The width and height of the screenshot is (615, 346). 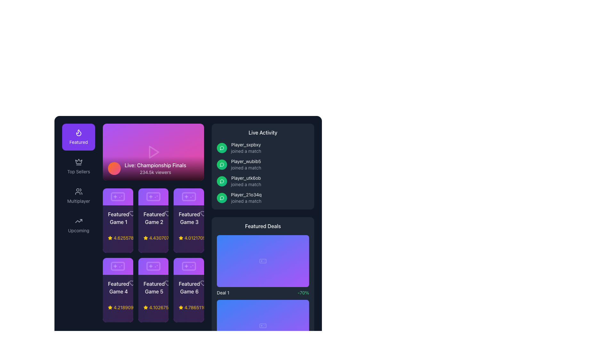 I want to click on the heart icon in the top-right corner of the 'Featured Game 3' card, so click(x=203, y=213).